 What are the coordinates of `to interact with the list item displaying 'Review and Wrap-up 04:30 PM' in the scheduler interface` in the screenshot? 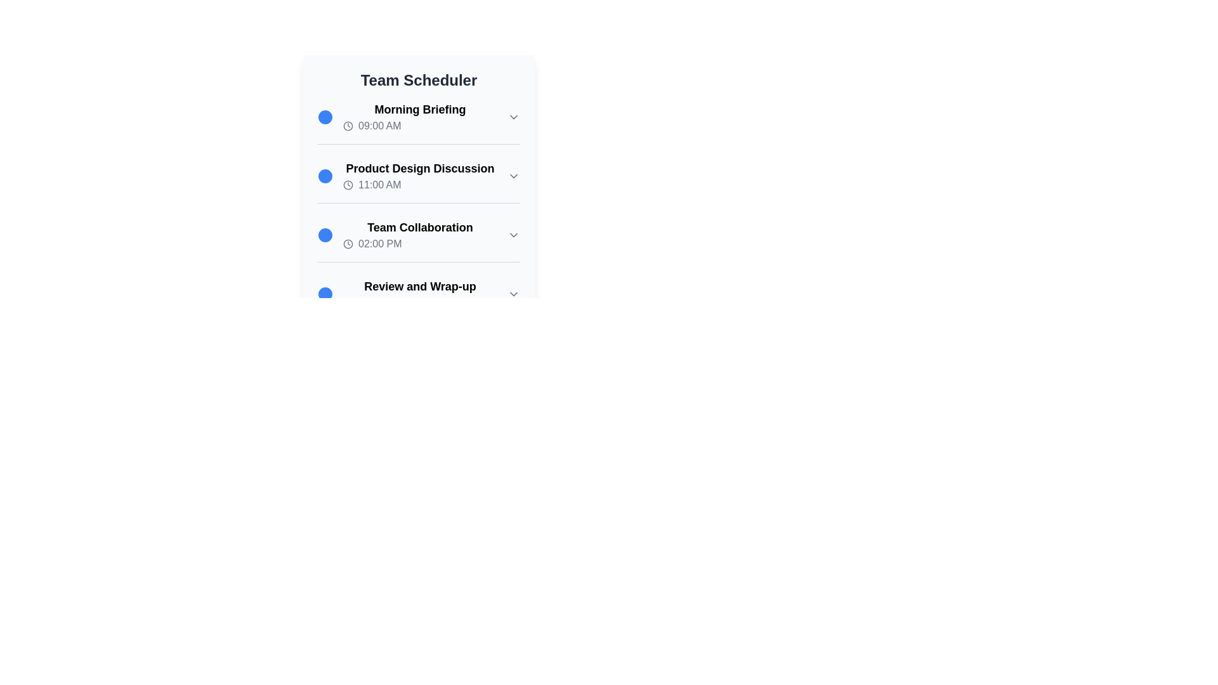 It's located at (420, 294).